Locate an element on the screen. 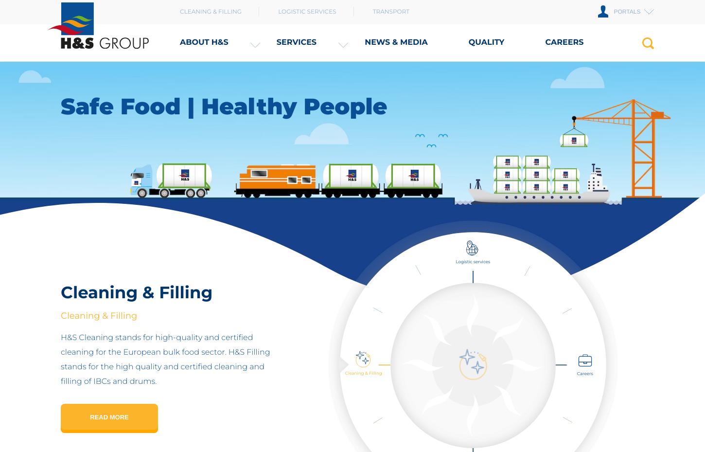 Image resolution: width=705 pixels, height=452 pixels. 'Quality' is located at coordinates (416, 42).